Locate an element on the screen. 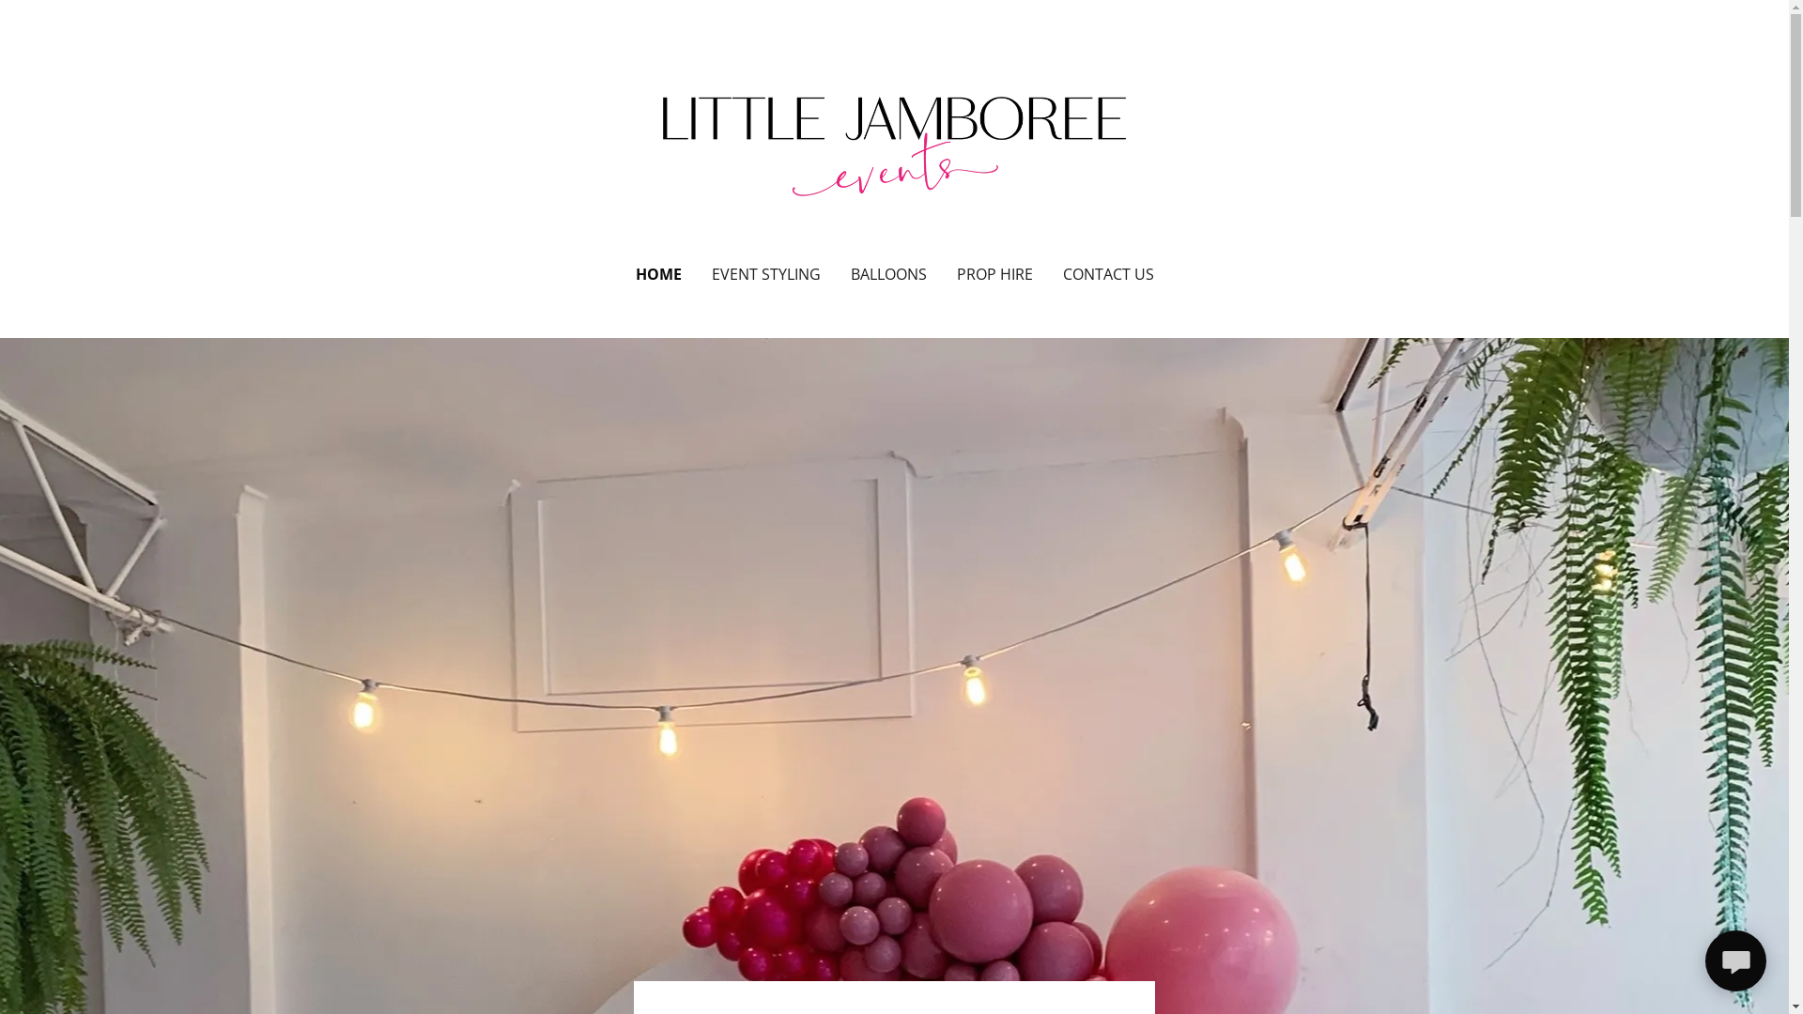  'BALLOONS' is located at coordinates (887, 274).